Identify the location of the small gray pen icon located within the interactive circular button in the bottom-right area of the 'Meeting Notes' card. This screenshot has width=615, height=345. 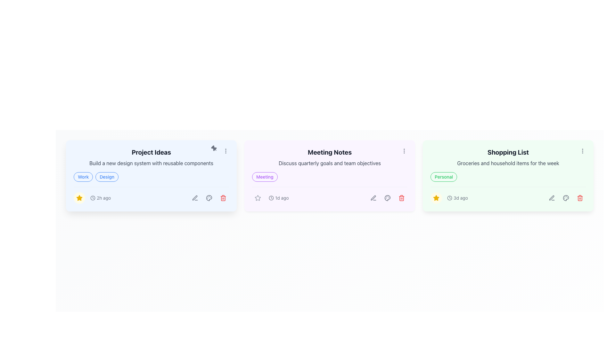
(373, 198).